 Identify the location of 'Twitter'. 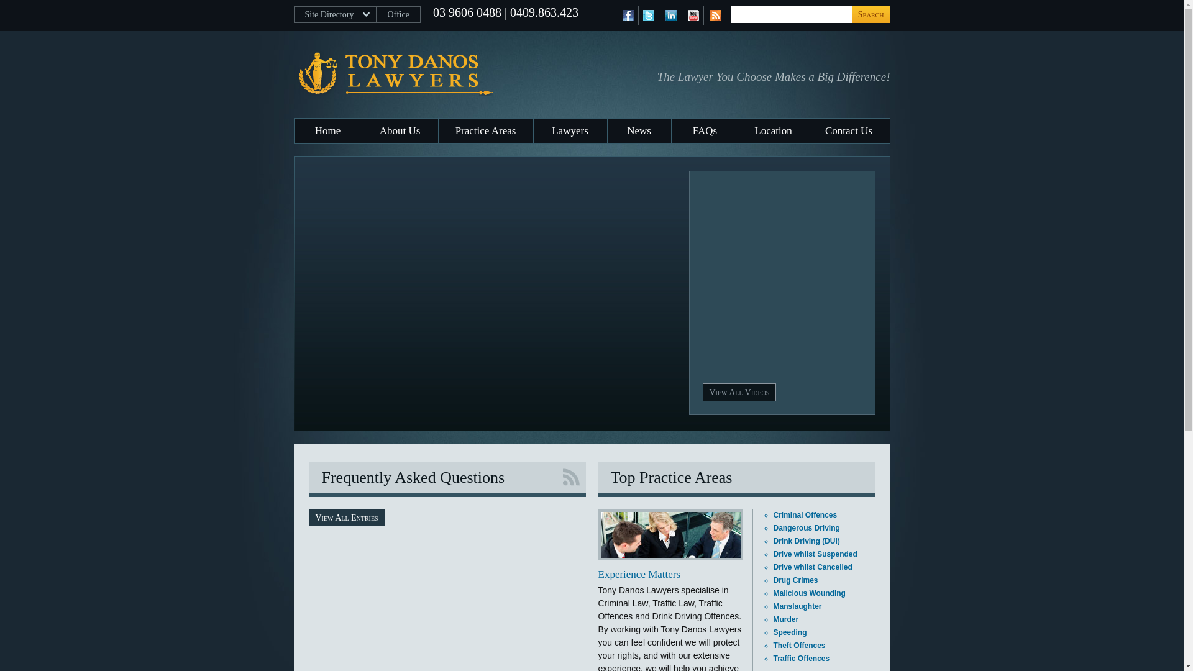
(649, 15).